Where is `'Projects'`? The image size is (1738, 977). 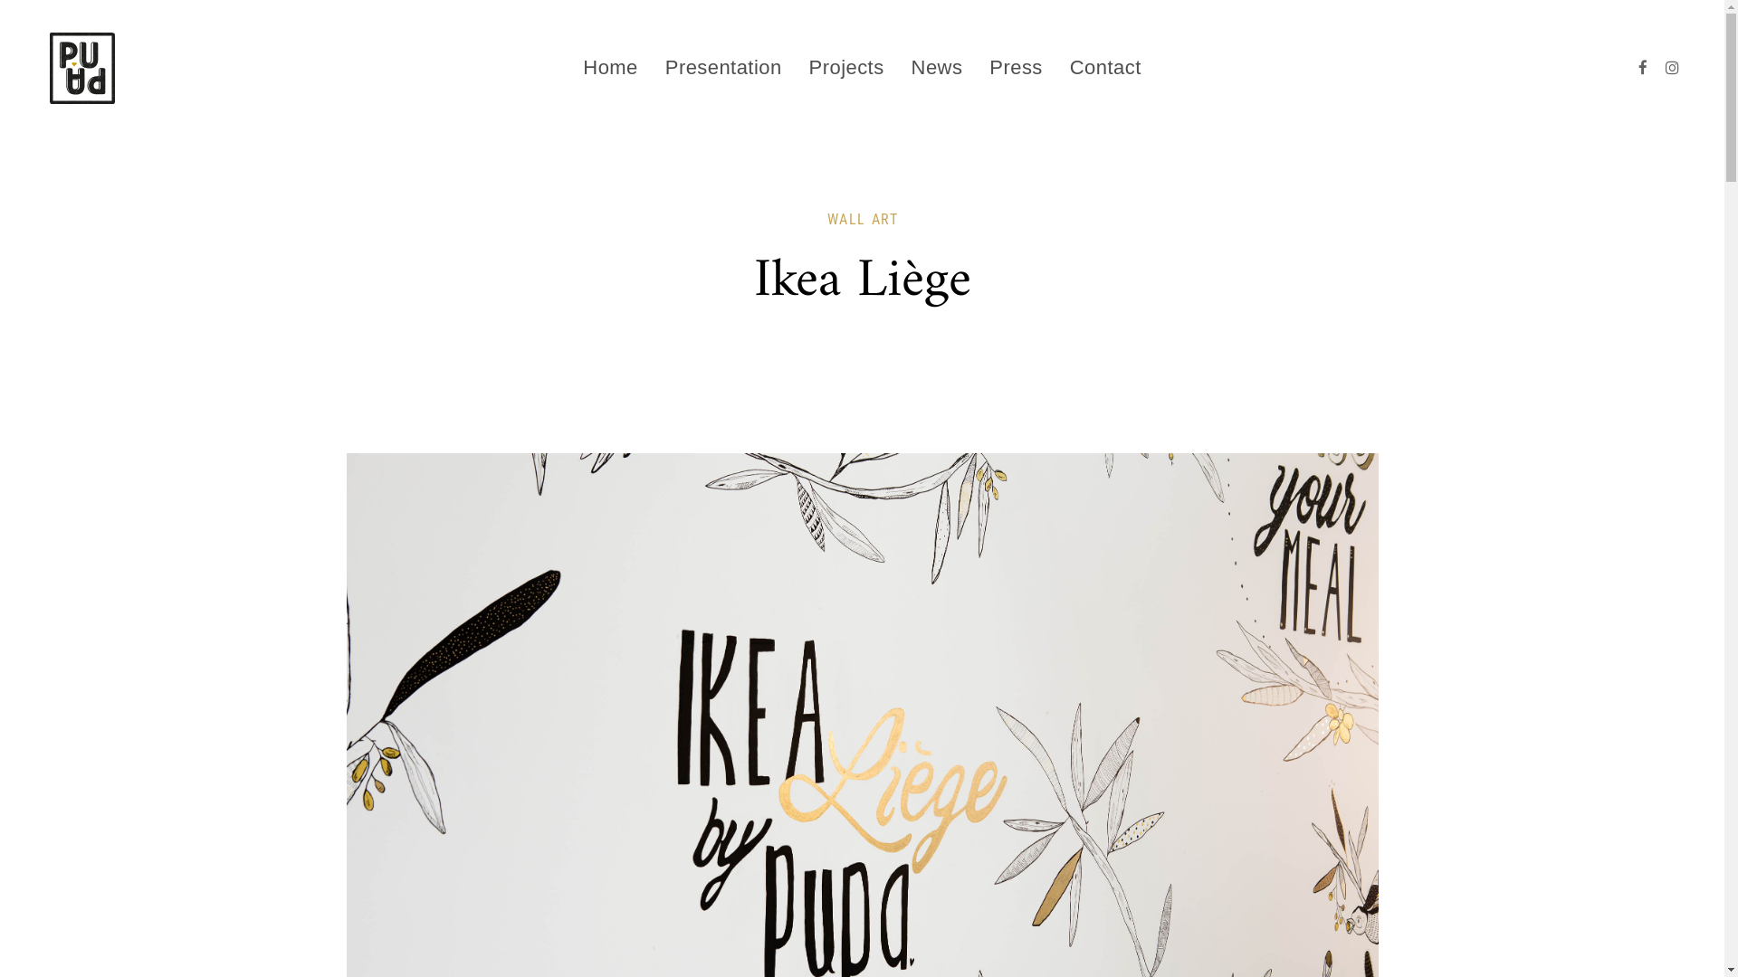
'Projects' is located at coordinates (845, 66).